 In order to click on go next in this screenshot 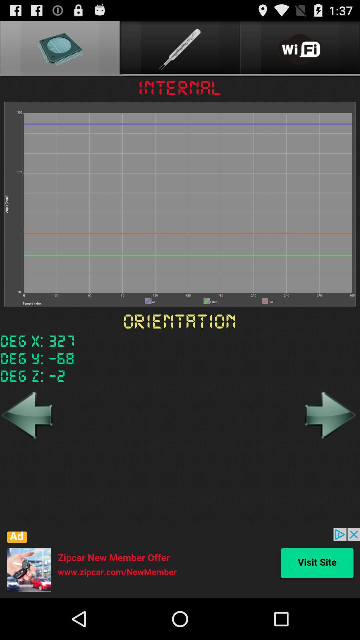, I will do `click(329, 415)`.